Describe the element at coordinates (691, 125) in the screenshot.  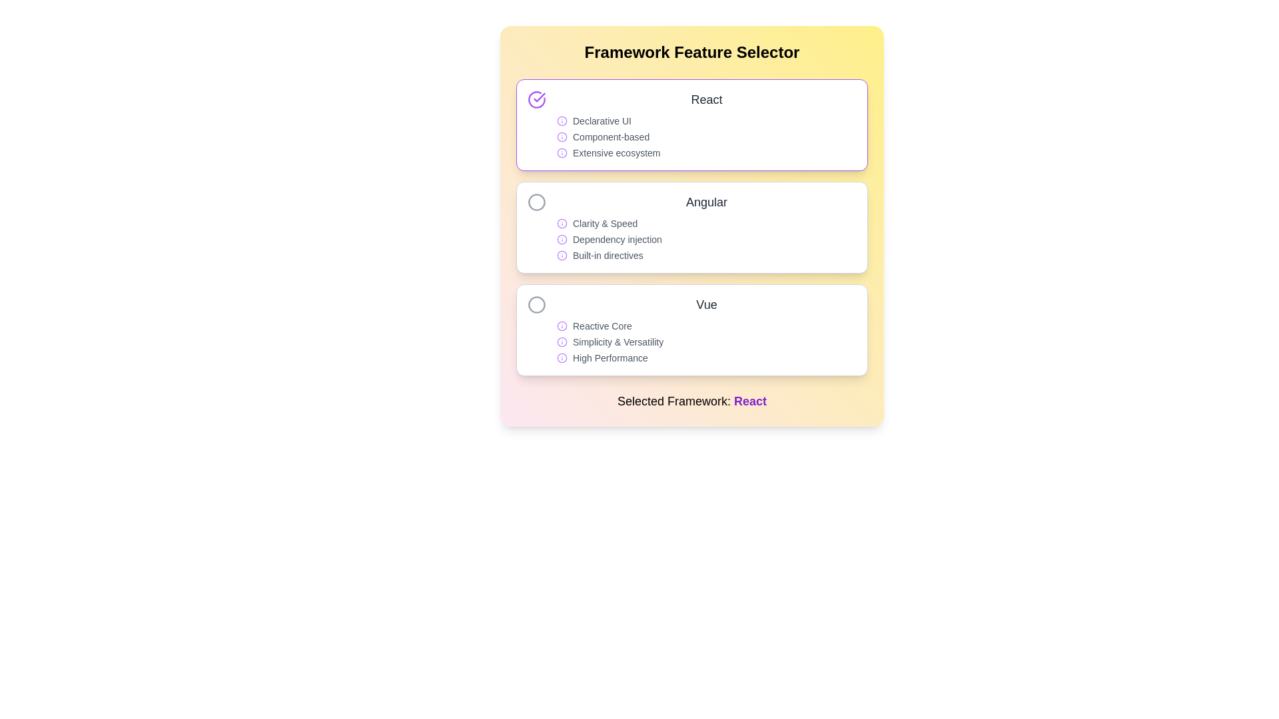
I see `the Informational Card titled 'React'` at that location.